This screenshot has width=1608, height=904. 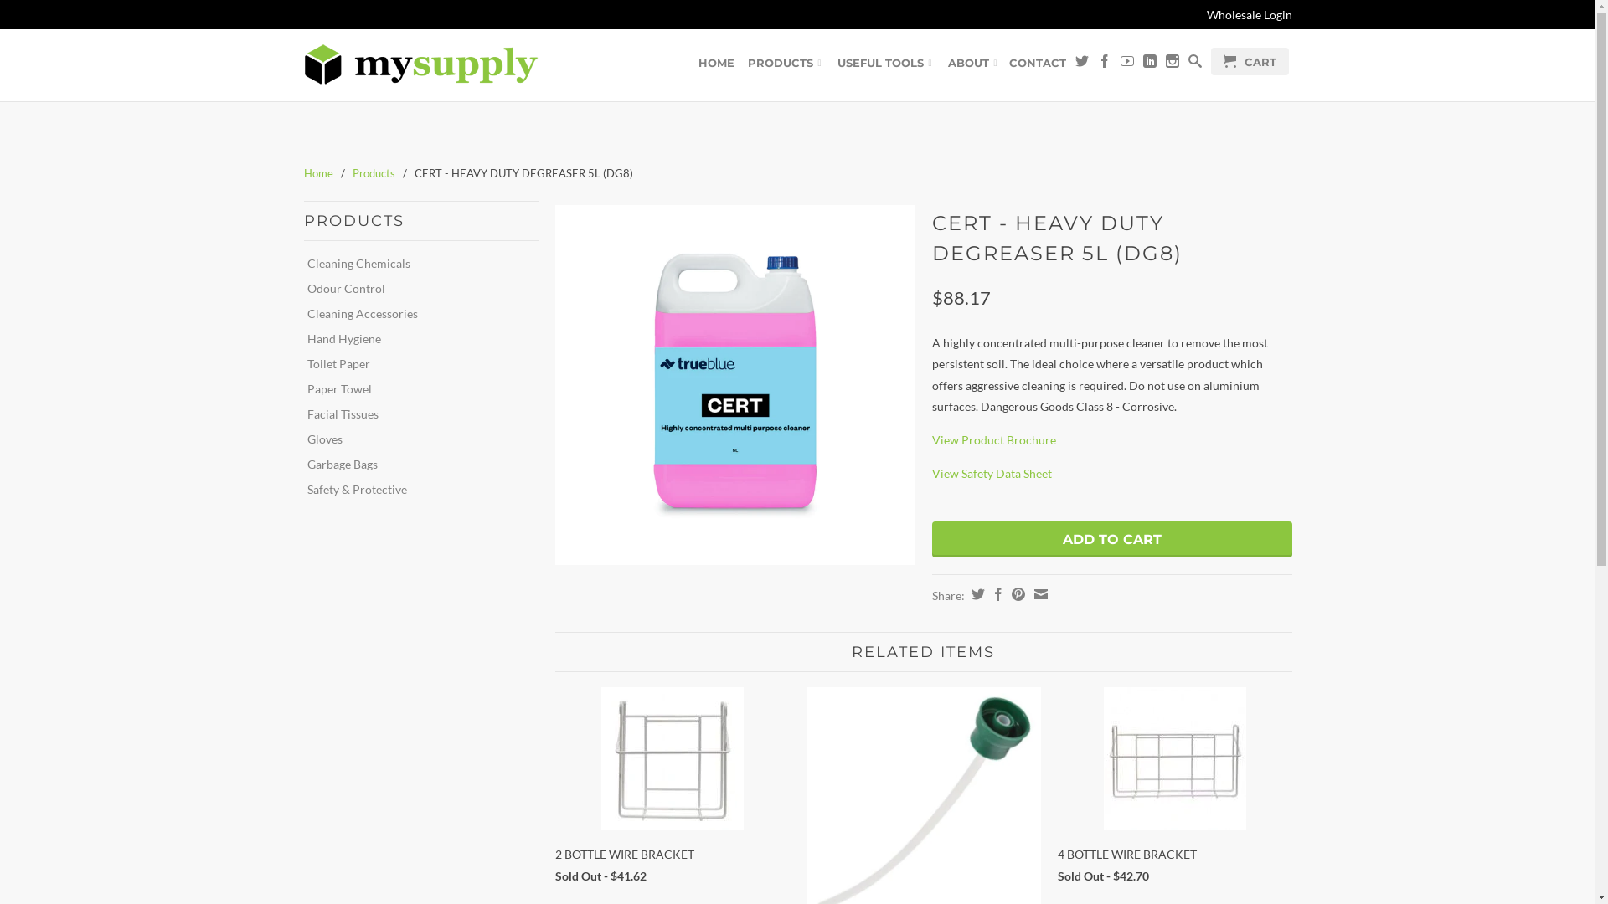 What do you see at coordinates (1111, 539) in the screenshot?
I see `'Add to Cart'` at bounding box center [1111, 539].